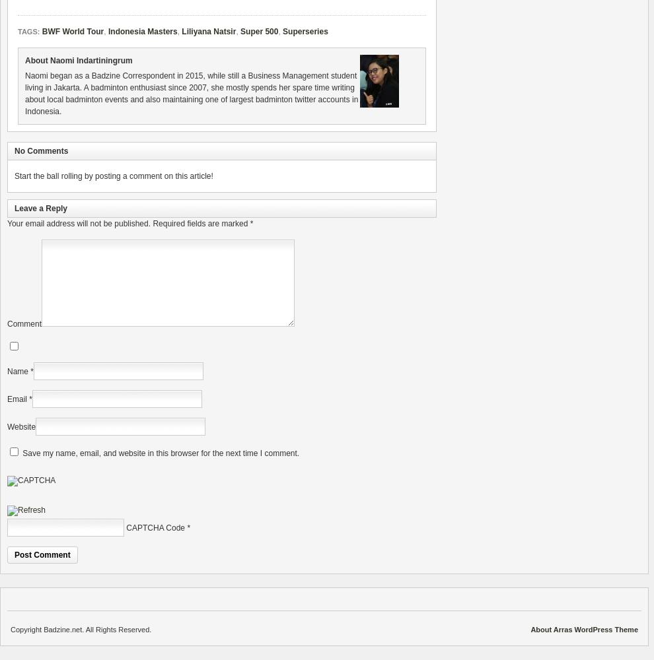 Image resolution: width=654 pixels, height=660 pixels. I want to click on 'Website', so click(20, 427).